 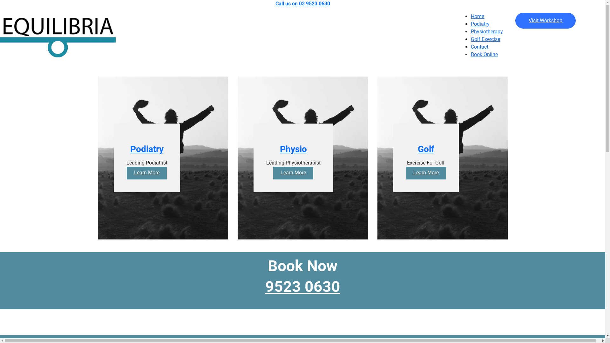 I want to click on 'Golf', so click(x=425, y=154).